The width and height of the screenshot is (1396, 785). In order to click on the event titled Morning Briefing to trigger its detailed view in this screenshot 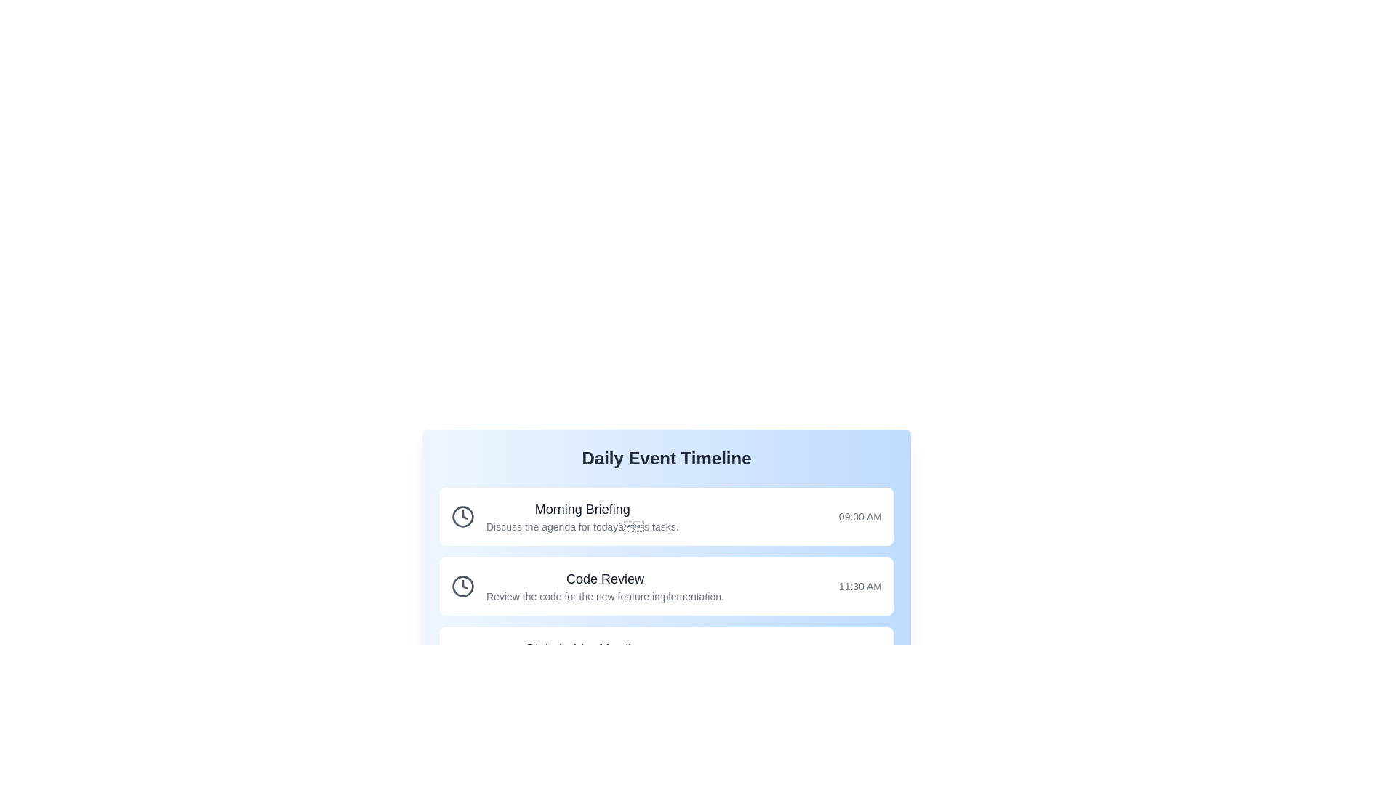, I will do `click(665, 515)`.